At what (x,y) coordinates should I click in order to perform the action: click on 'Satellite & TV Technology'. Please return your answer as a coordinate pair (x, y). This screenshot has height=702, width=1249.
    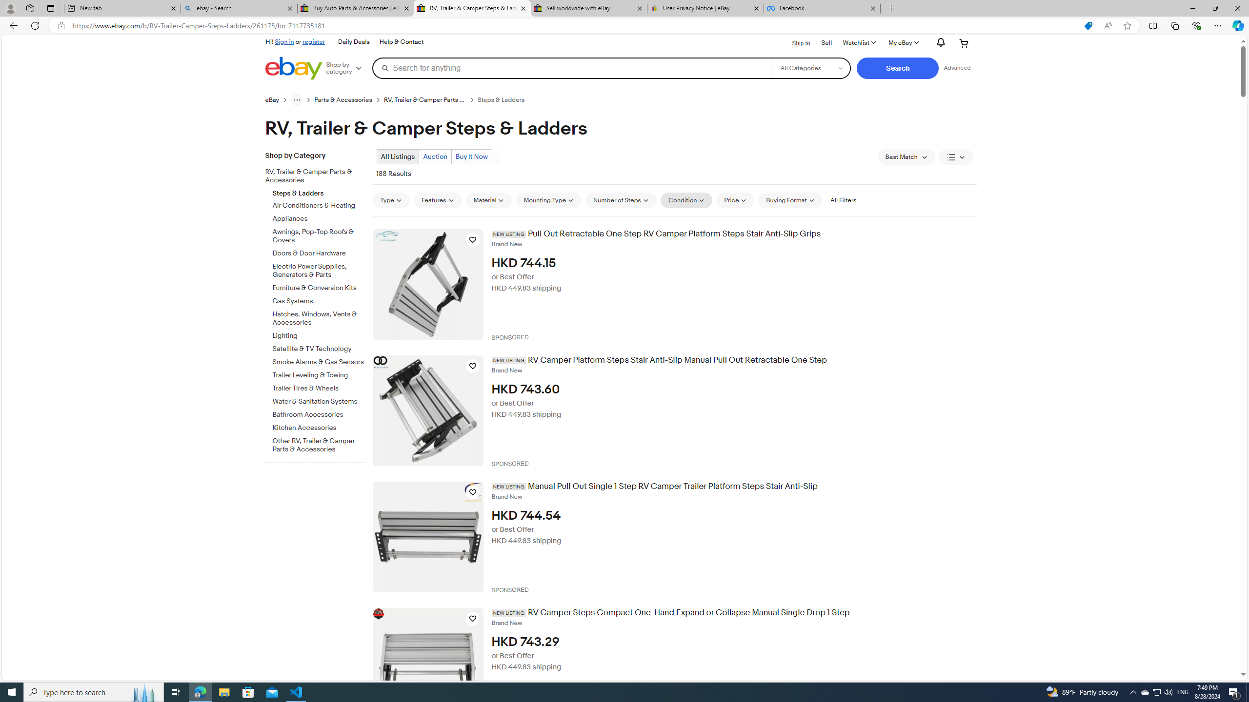
    Looking at the image, I should click on (319, 349).